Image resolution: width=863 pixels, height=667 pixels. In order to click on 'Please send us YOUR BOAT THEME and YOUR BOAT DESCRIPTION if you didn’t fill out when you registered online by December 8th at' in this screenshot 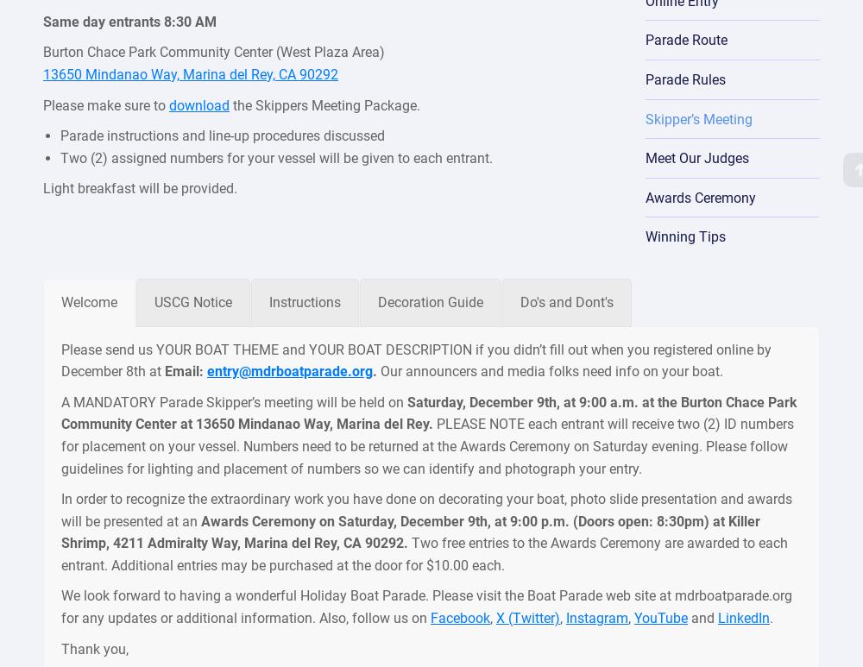, I will do `click(415, 359)`.